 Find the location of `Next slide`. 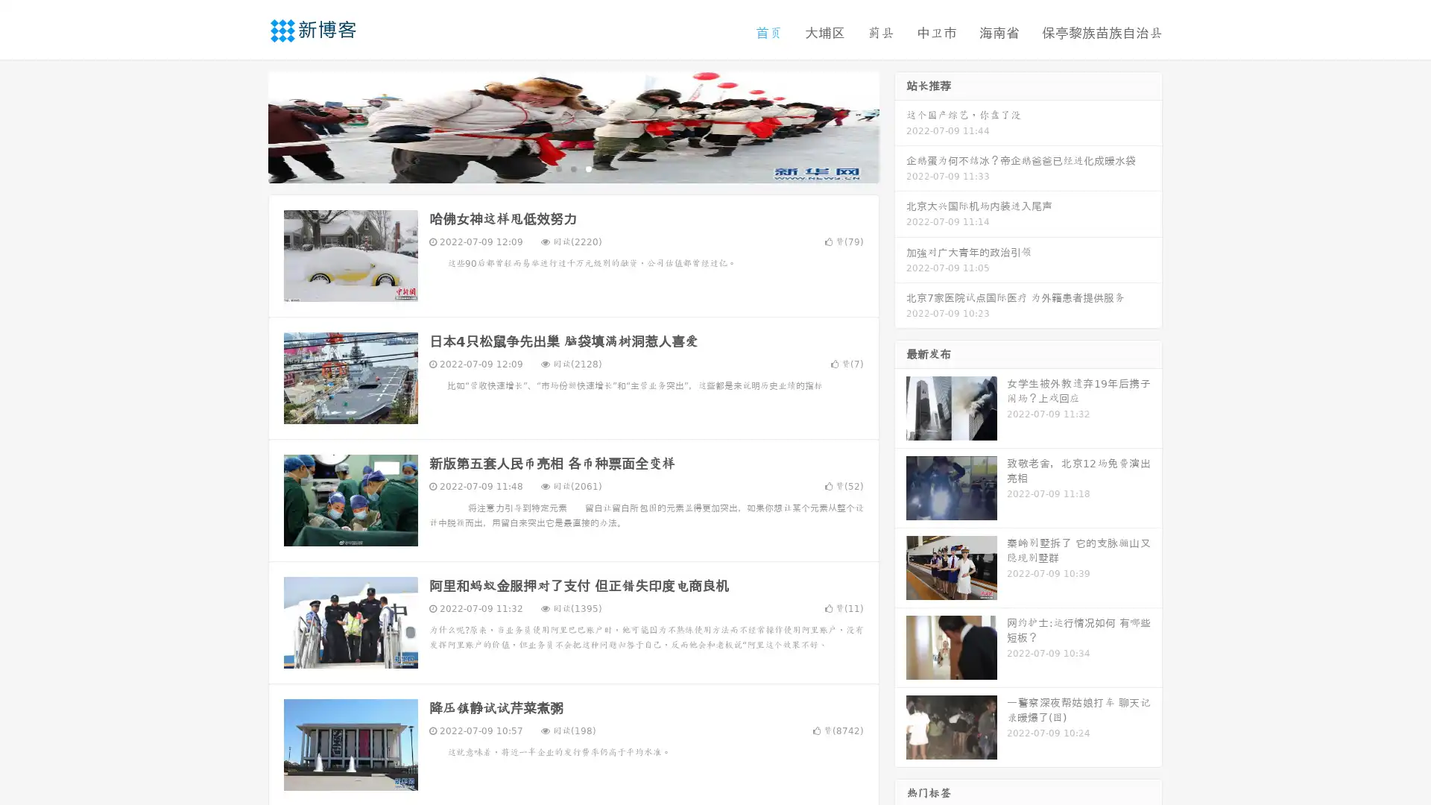

Next slide is located at coordinates (900, 125).